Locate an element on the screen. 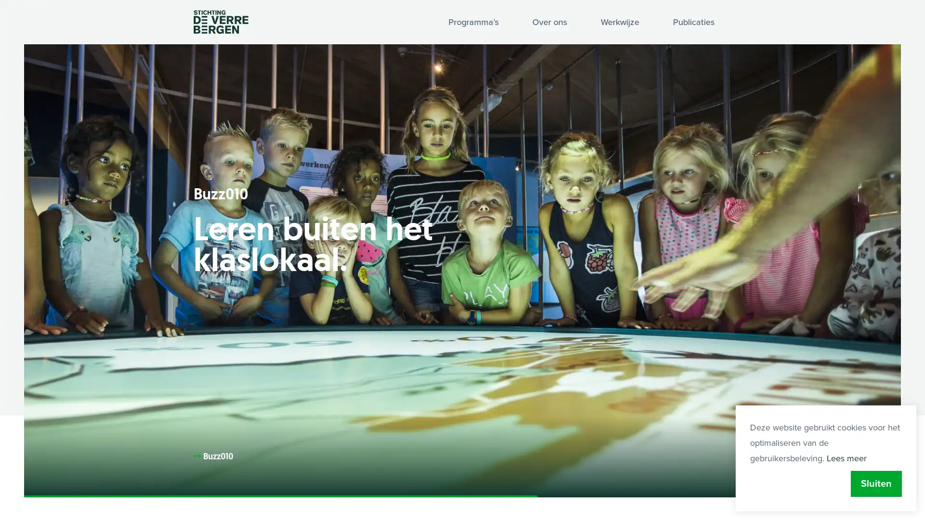  dismiss cookie message is located at coordinates (876, 484).